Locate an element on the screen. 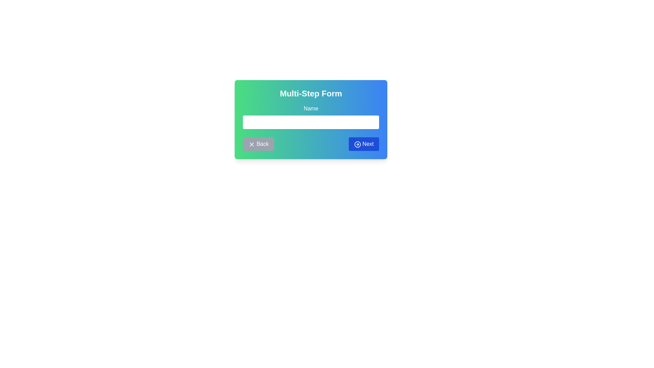 The width and height of the screenshot is (654, 368). the 'Back' button located at the bottom left of the form interface is located at coordinates (258, 144).